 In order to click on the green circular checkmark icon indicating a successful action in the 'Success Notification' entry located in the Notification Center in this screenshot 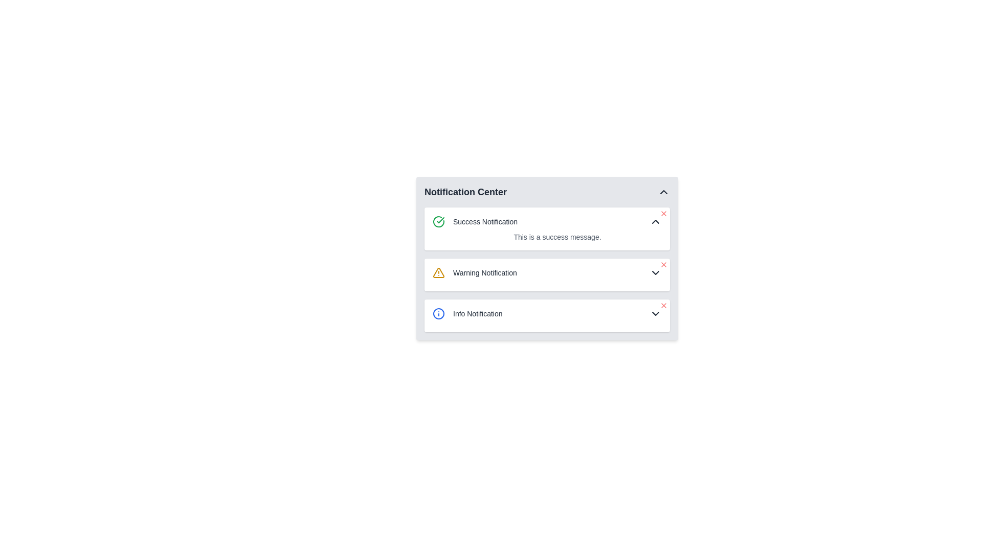, I will do `click(440, 220)`.